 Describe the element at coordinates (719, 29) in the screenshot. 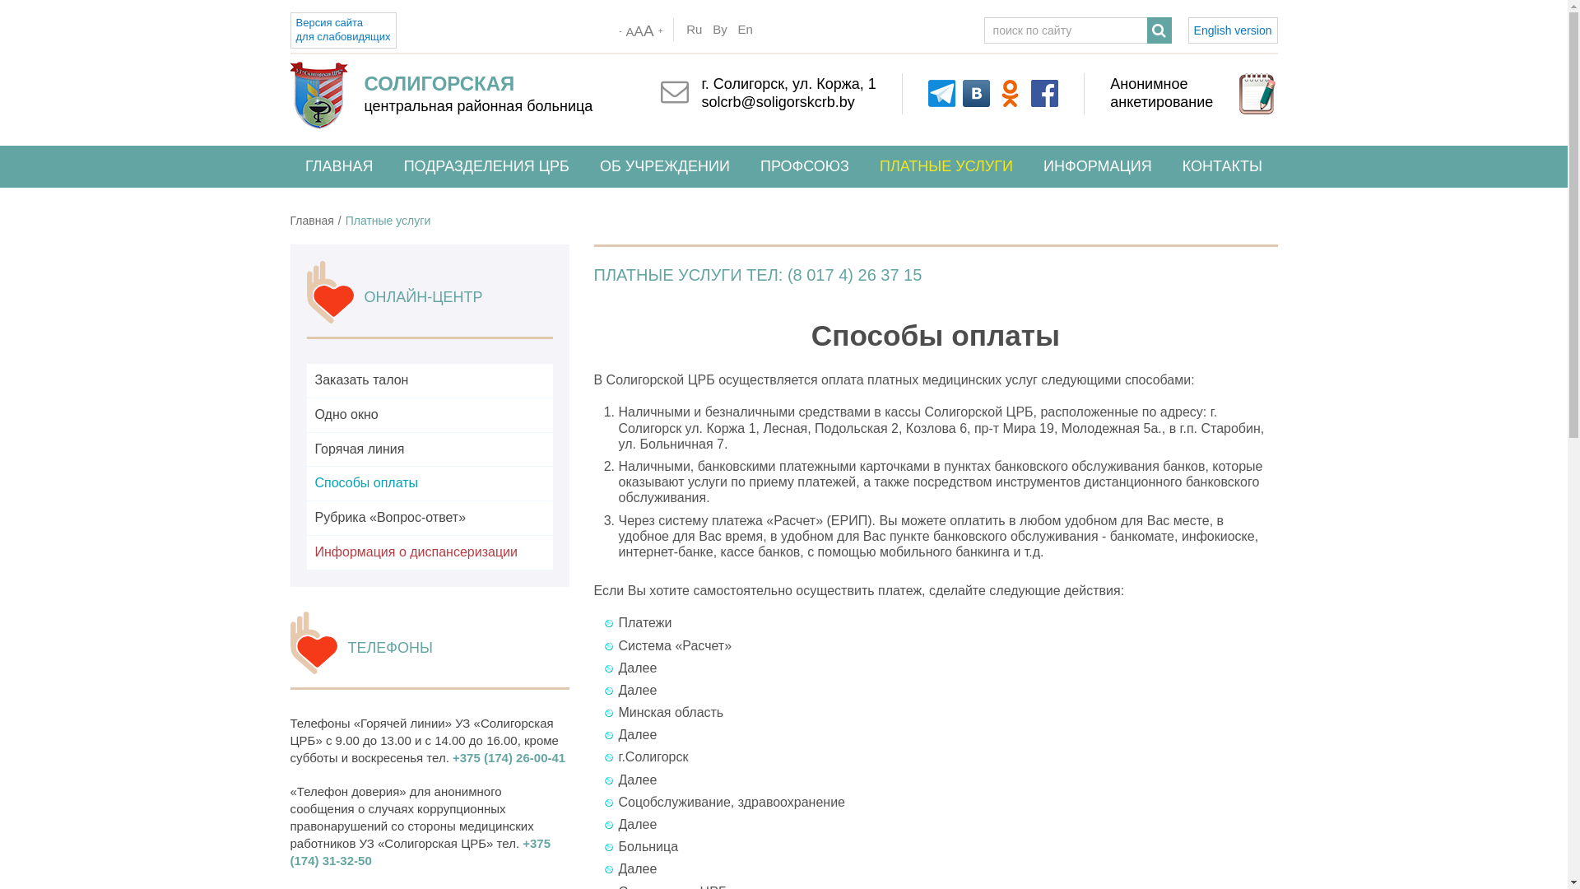

I see `'By'` at that location.